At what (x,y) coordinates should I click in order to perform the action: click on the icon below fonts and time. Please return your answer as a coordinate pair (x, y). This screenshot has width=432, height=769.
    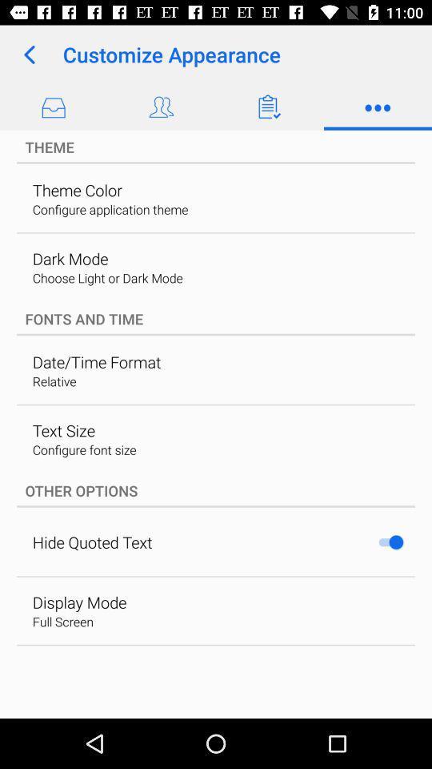
    Looking at the image, I should click on (97, 362).